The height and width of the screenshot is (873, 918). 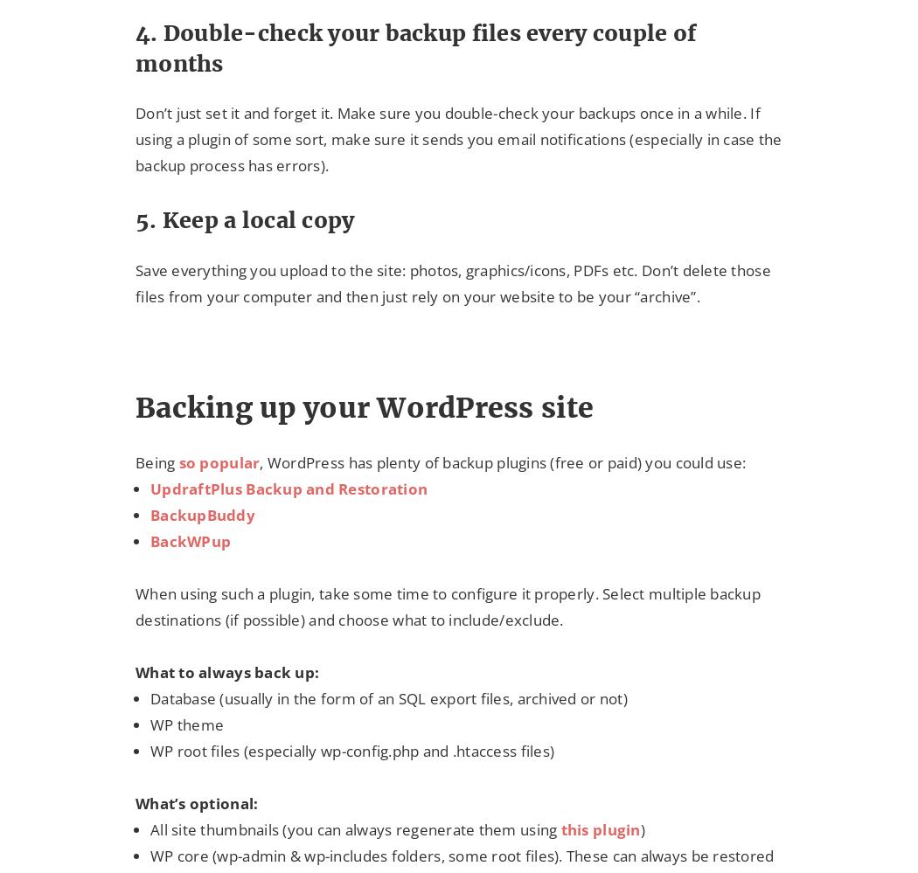 What do you see at coordinates (600, 828) in the screenshot?
I see `'this plugin'` at bounding box center [600, 828].